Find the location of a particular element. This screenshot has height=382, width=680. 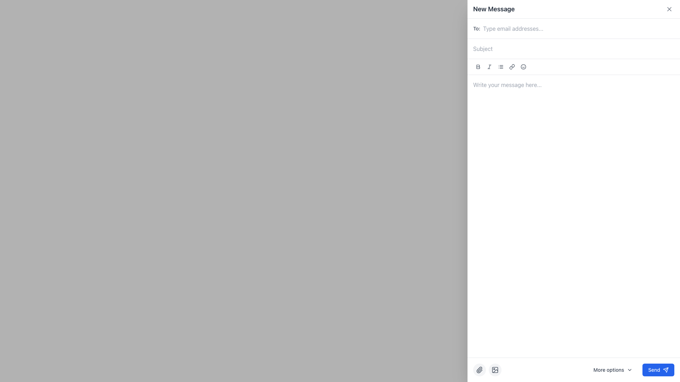

the Decorative SVG circle component located within the upper section of the smiley face icon is located at coordinates (523, 67).